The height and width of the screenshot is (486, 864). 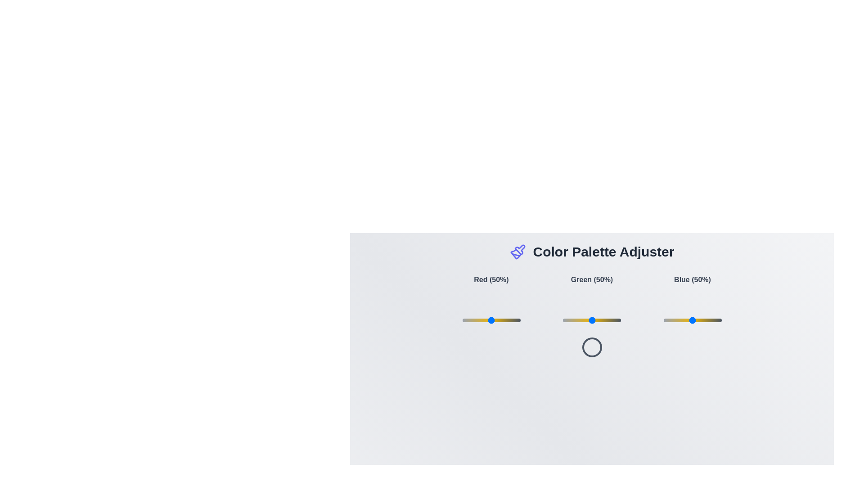 What do you see at coordinates (680, 320) in the screenshot?
I see `the blue color slider to 29%` at bounding box center [680, 320].